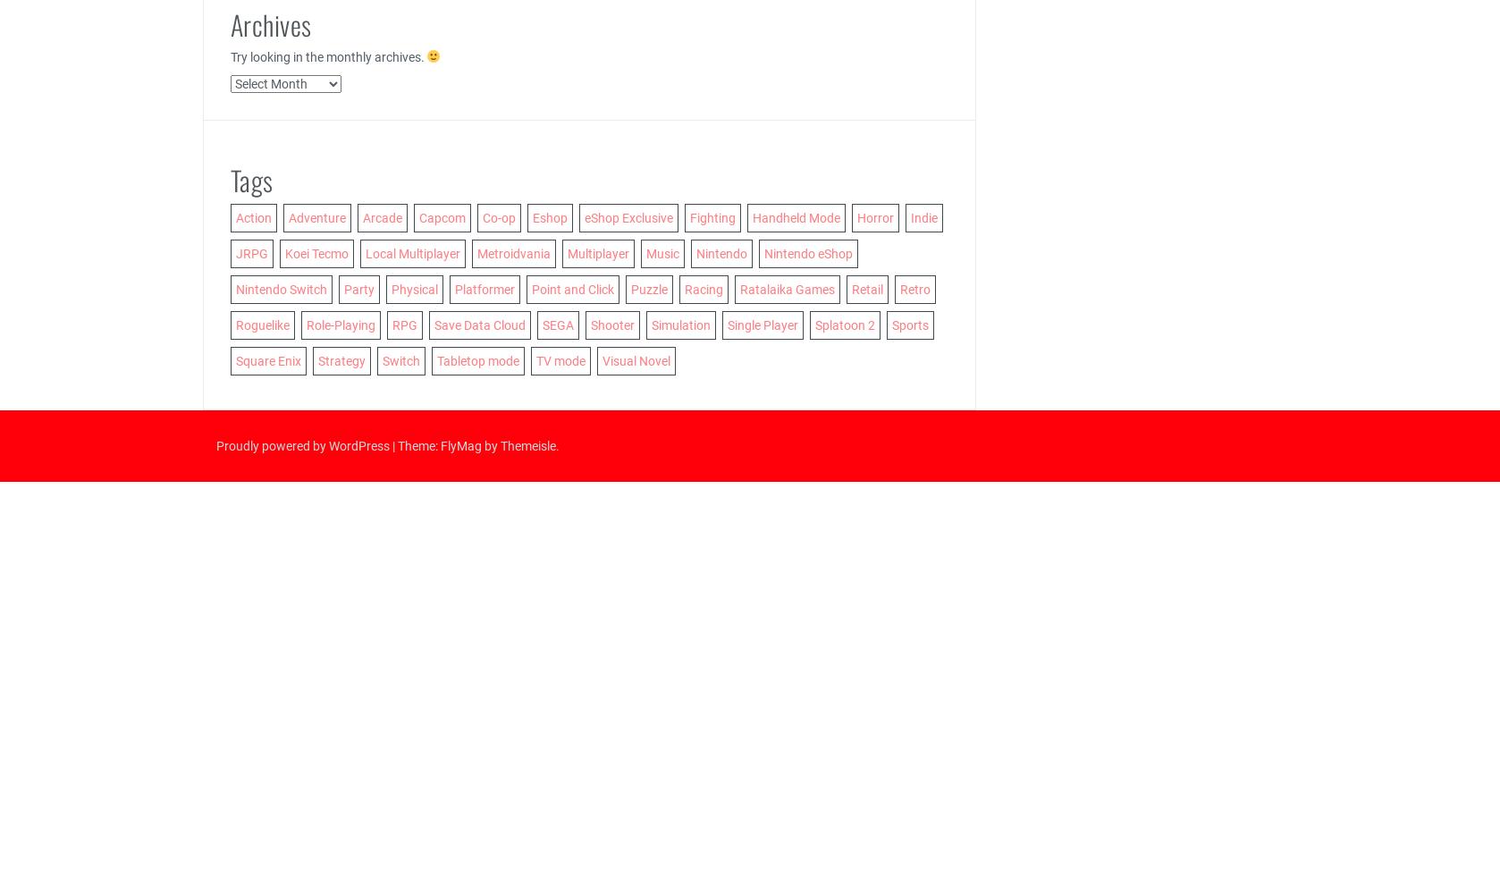  What do you see at coordinates (649, 324) in the screenshot?
I see `'Simulation'` at bounding box center [649, 324].